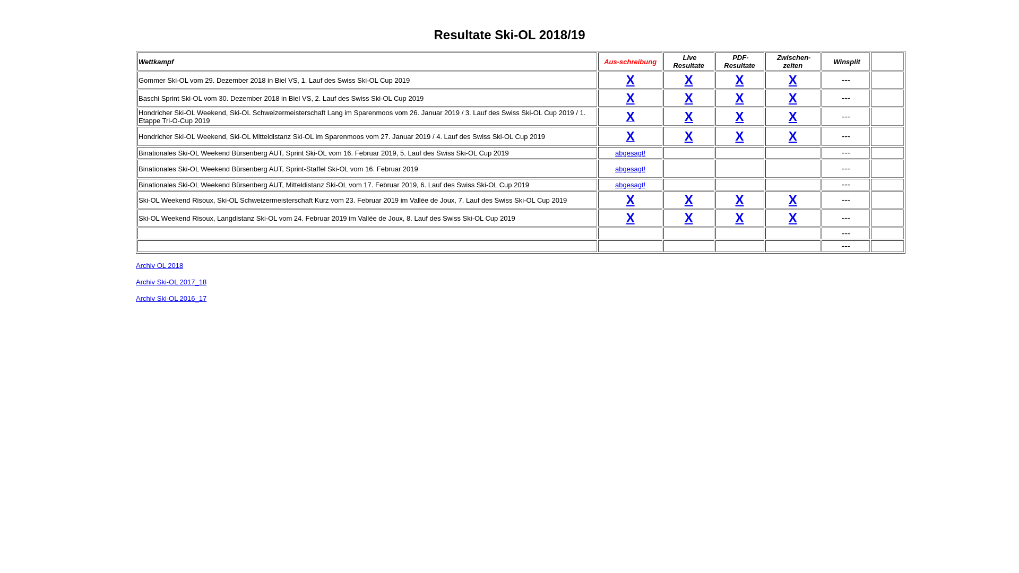 The height and width of the screenshot is (573, 1019). What do you see at coordinates (631, 199) in the screenshot?
I see `'X'` at bounding box center [631, 199].